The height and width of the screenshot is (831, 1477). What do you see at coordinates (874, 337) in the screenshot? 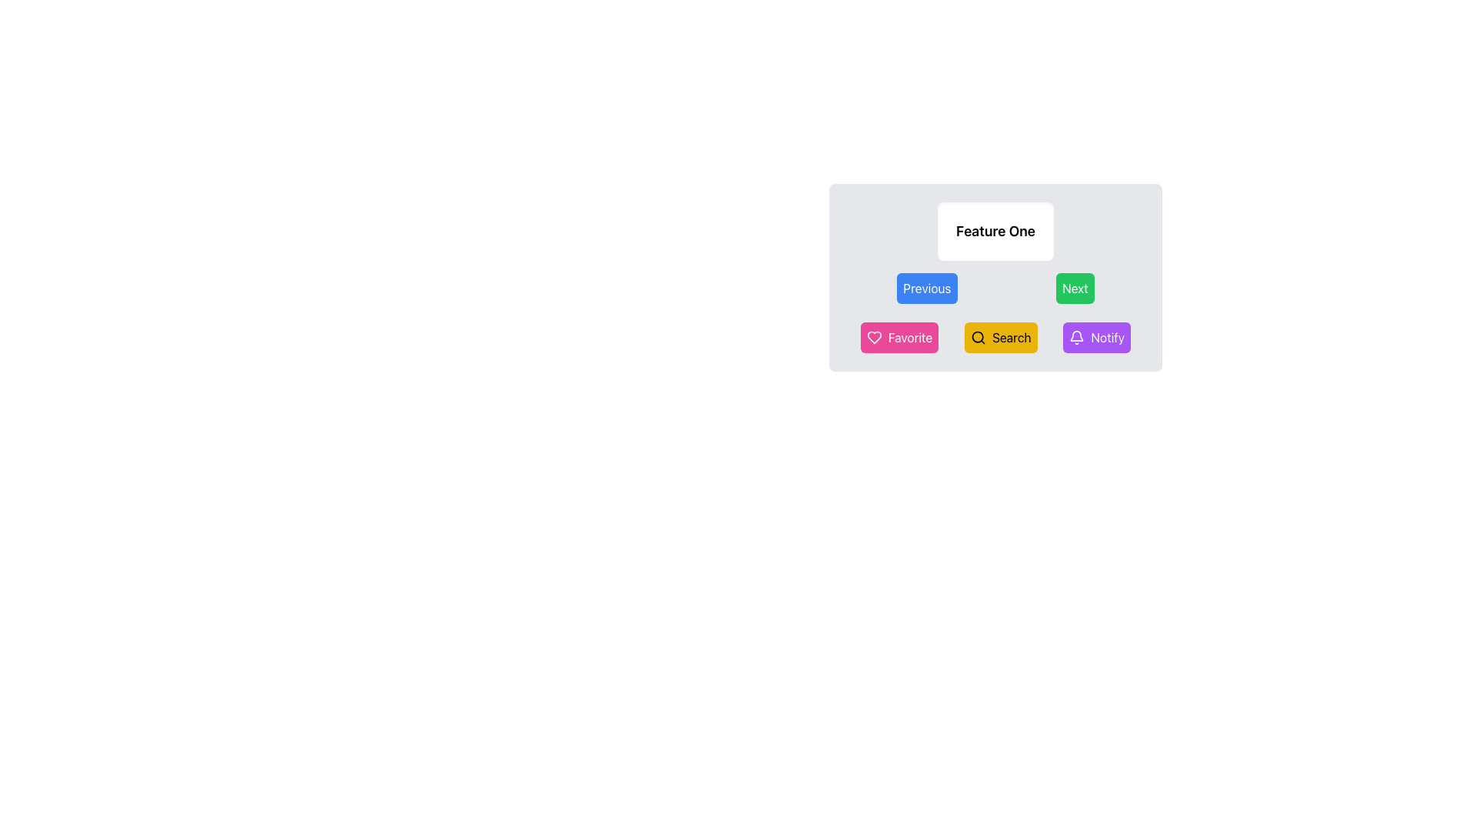
I see `the 'Favorite' icon button located in the second row of buttons, positioned to the left of the 'Search' button, to mark an item as favorite` at bounding box center [874, 337].